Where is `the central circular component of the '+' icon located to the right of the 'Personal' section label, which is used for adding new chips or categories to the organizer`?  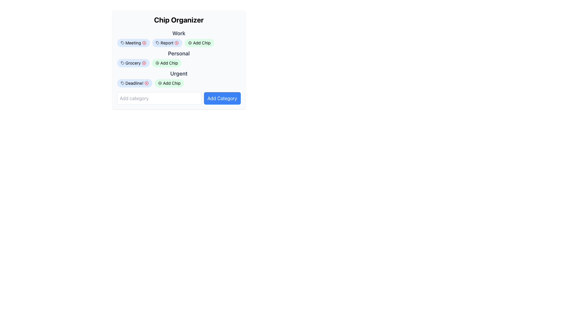
the central circular component of the '+' icon located to the right of the 'Personal' section label, which is used for adding new chips or categories to the organizer is located at coordinates (157, 63).